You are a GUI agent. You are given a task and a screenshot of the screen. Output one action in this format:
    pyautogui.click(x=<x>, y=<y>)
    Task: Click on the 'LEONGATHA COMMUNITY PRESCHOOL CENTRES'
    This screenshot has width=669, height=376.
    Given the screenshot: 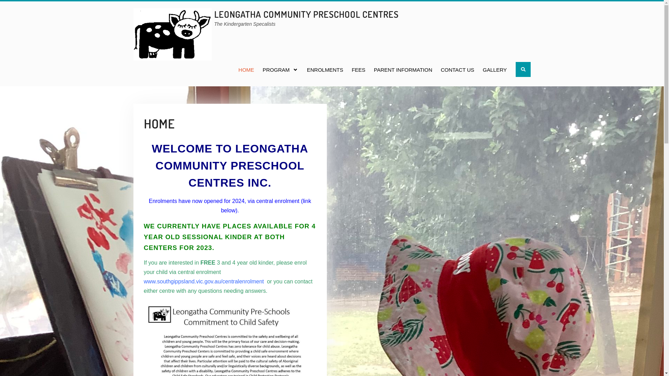 What is the action you would take?
    pyautogui.click(x=306, y=14)
    